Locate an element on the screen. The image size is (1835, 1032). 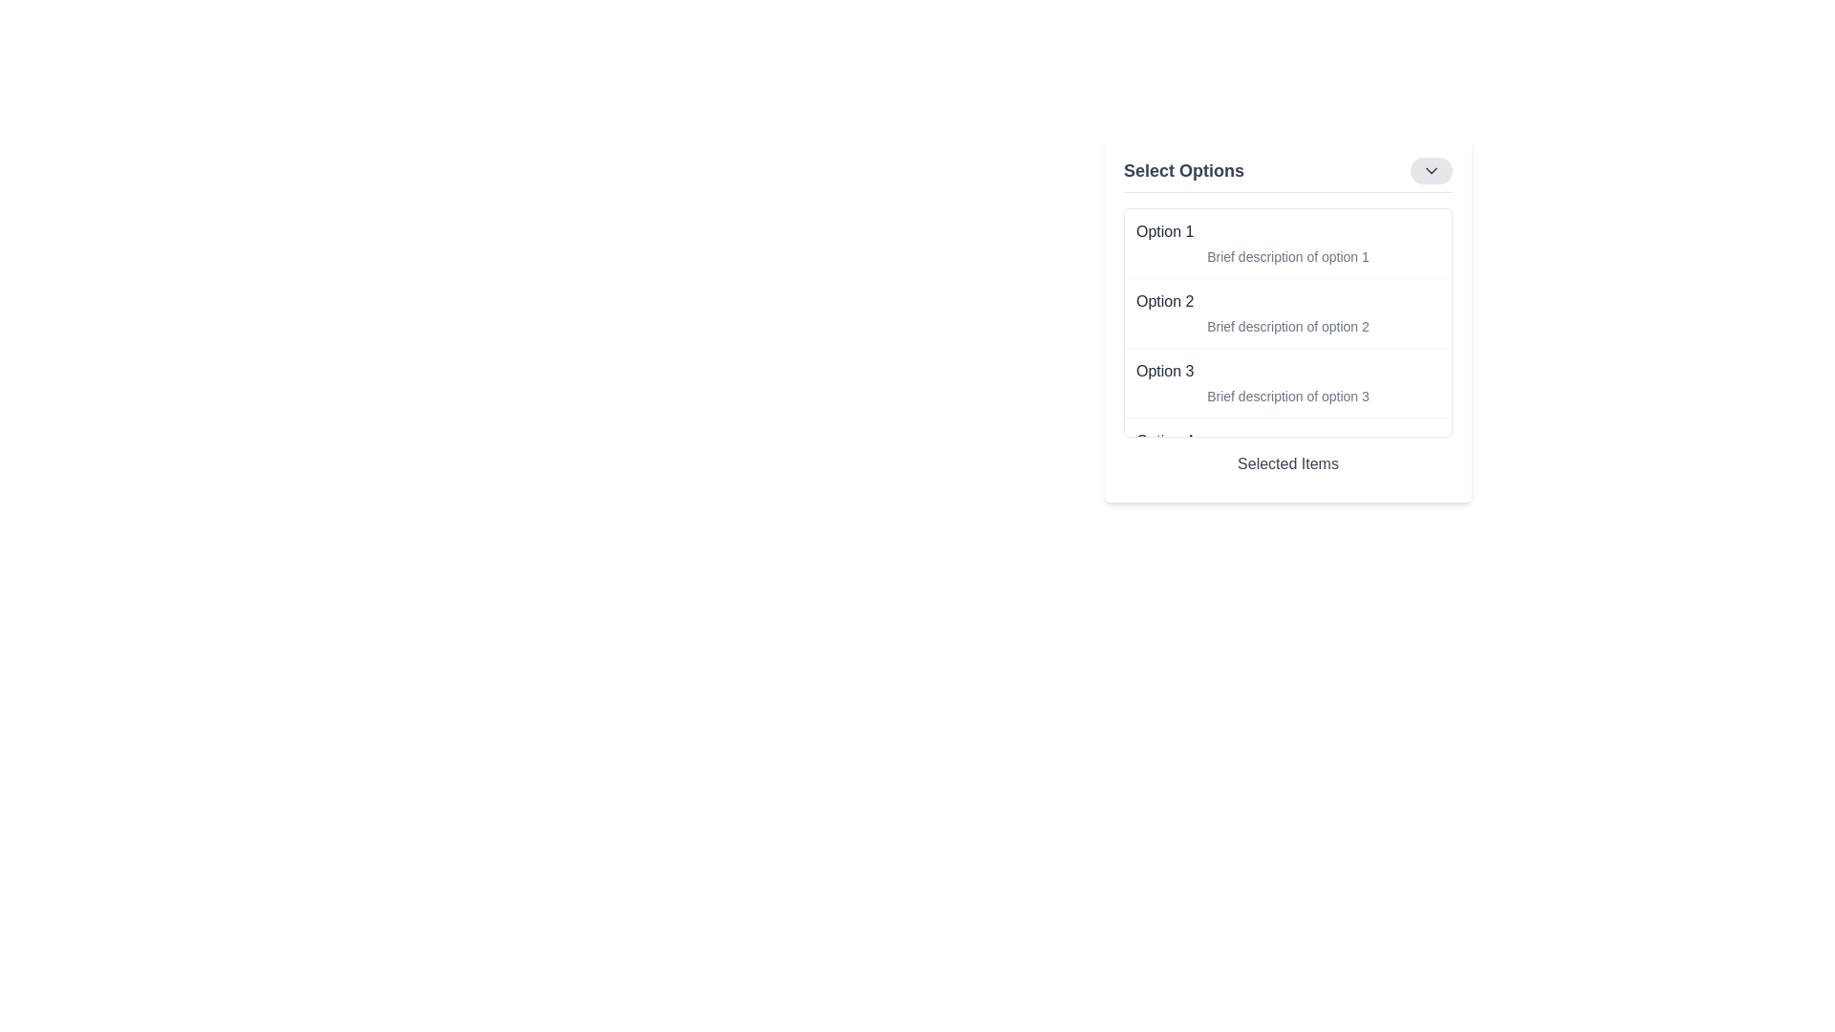
the text label that reads 'Brief description of option 3', which is styled in gray and appears beneath the label 'Option 3' in a vertical list is located at coordinates (1288, 396).